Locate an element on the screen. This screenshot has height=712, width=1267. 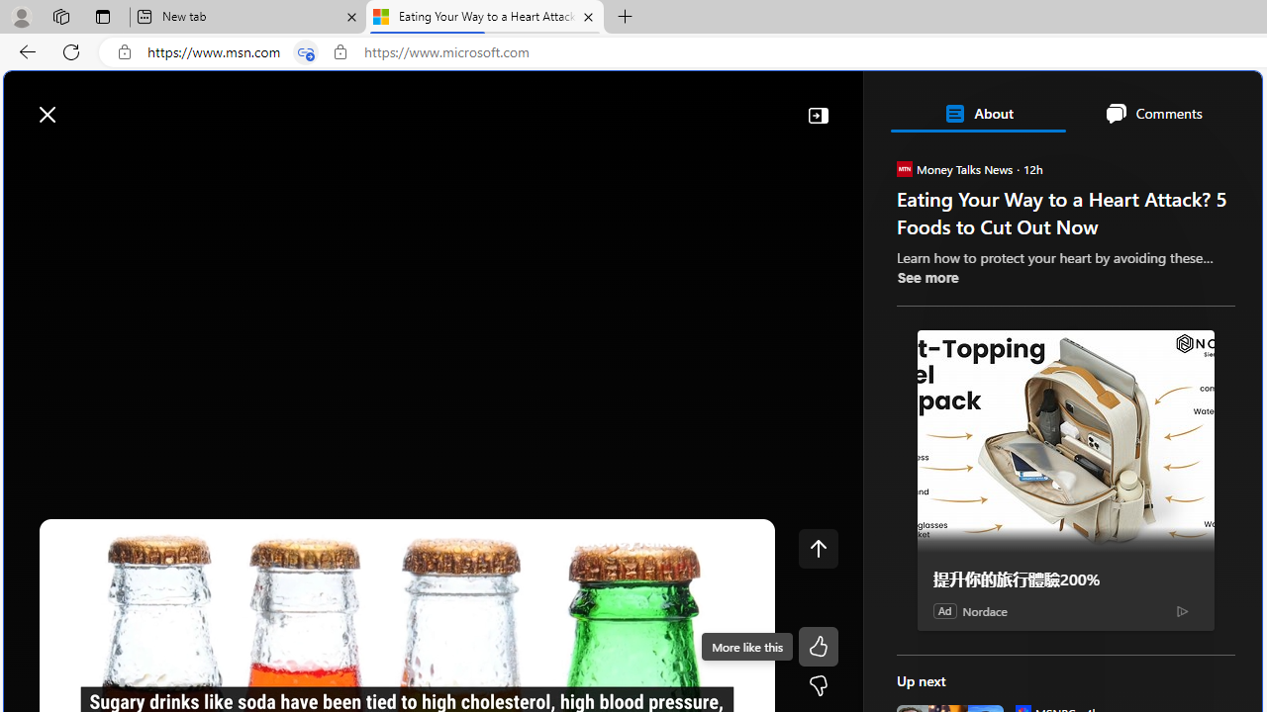
'Like' is located at coordinates (818, 647).